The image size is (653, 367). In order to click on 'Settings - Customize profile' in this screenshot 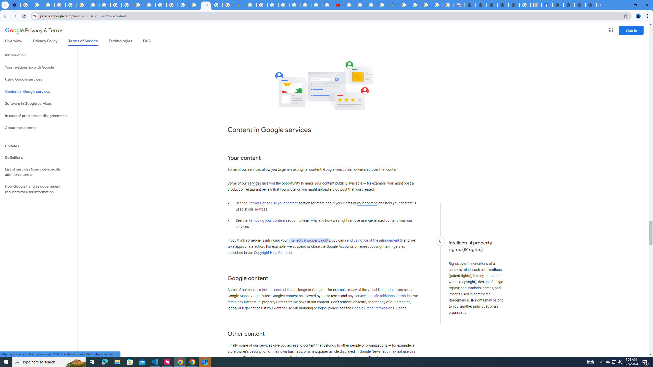, I will do `click(15, 5)`.